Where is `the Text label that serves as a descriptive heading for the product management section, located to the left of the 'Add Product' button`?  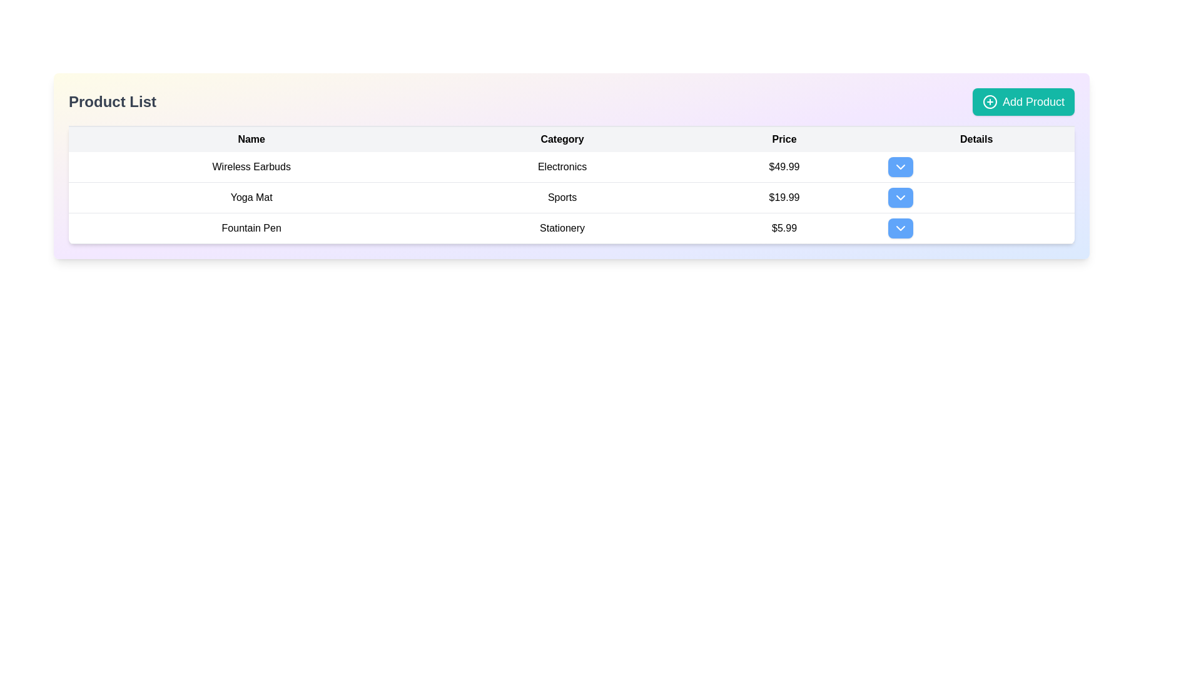
the Text label that serves as a descriptive heading for the product management section, located to the left of the 'Add Product' button is located at coordinates (113, 101).